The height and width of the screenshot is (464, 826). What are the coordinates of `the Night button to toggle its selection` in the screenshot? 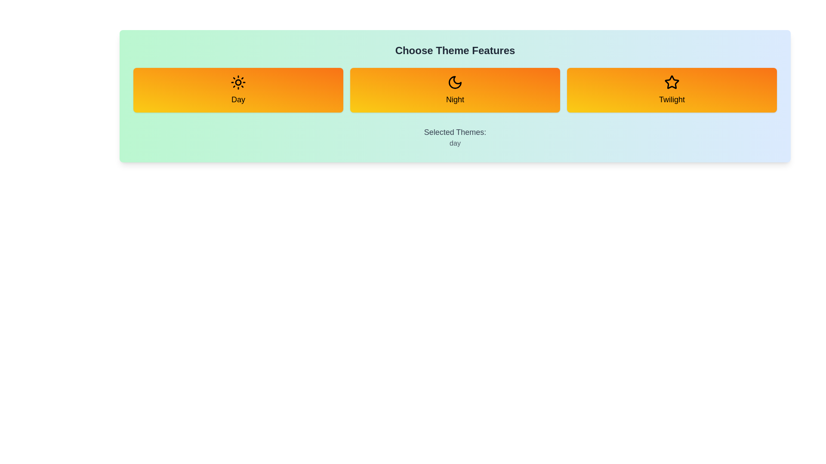 It's located at (454, 90).